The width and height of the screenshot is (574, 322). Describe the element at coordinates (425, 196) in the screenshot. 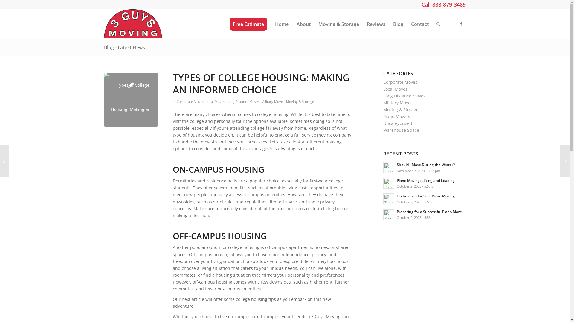

I see `'Techniques for Safe Piano Moving'` at that location.